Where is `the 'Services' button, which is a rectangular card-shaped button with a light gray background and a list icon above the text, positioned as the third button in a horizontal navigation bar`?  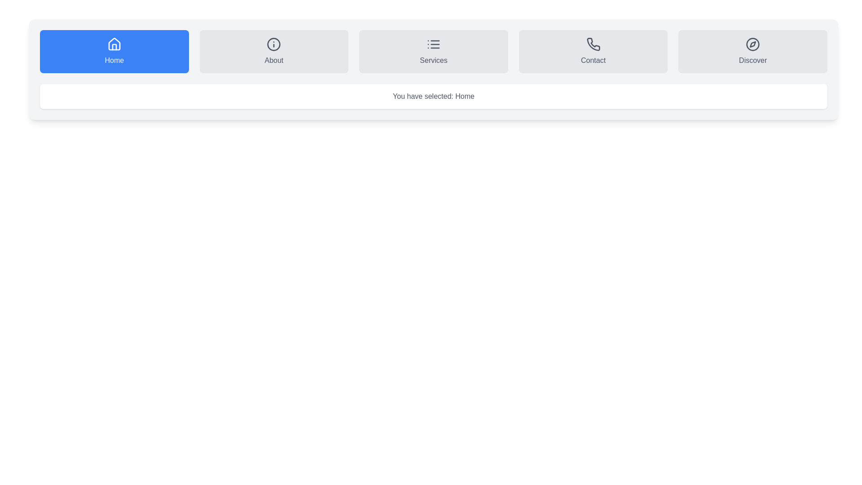 the 'Services' button, which is a rectangular card-shaped button with a light gray background and a list icon above the text, positioned as the third button in a horizontal navigation bar is located at coordinates (433, 52).